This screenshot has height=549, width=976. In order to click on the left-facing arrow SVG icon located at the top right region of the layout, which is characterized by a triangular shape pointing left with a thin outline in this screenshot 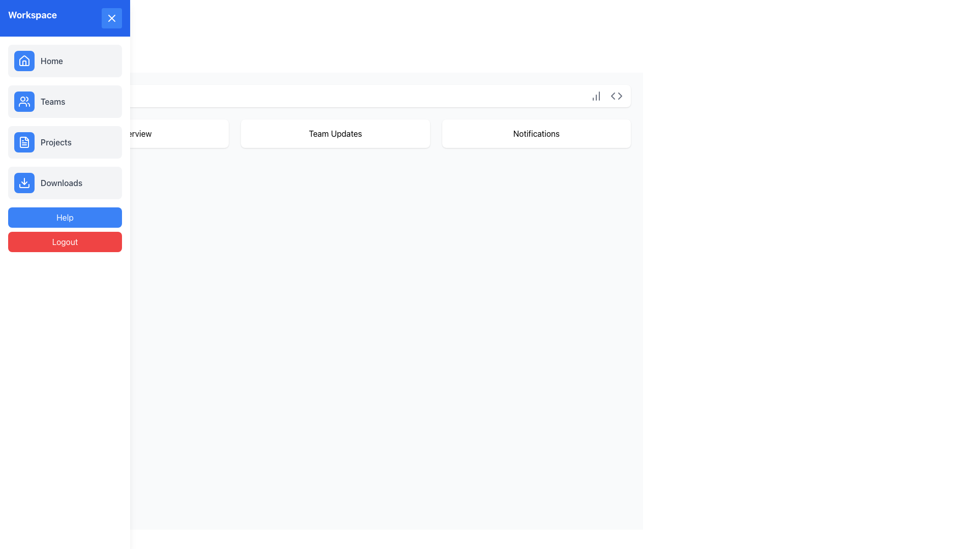, I will do `click(612, 96)`.